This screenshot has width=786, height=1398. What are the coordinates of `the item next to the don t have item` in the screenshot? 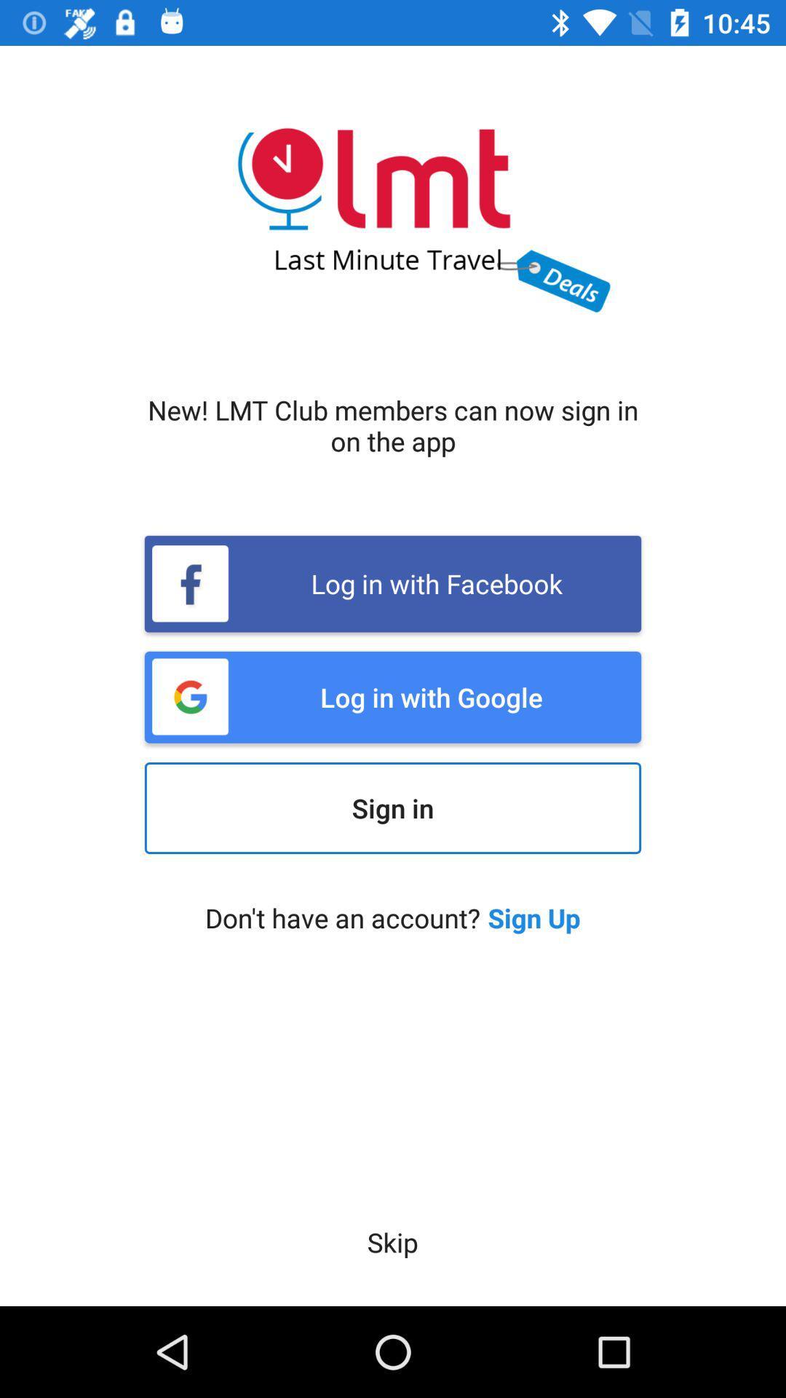 It's located at (534, 917).